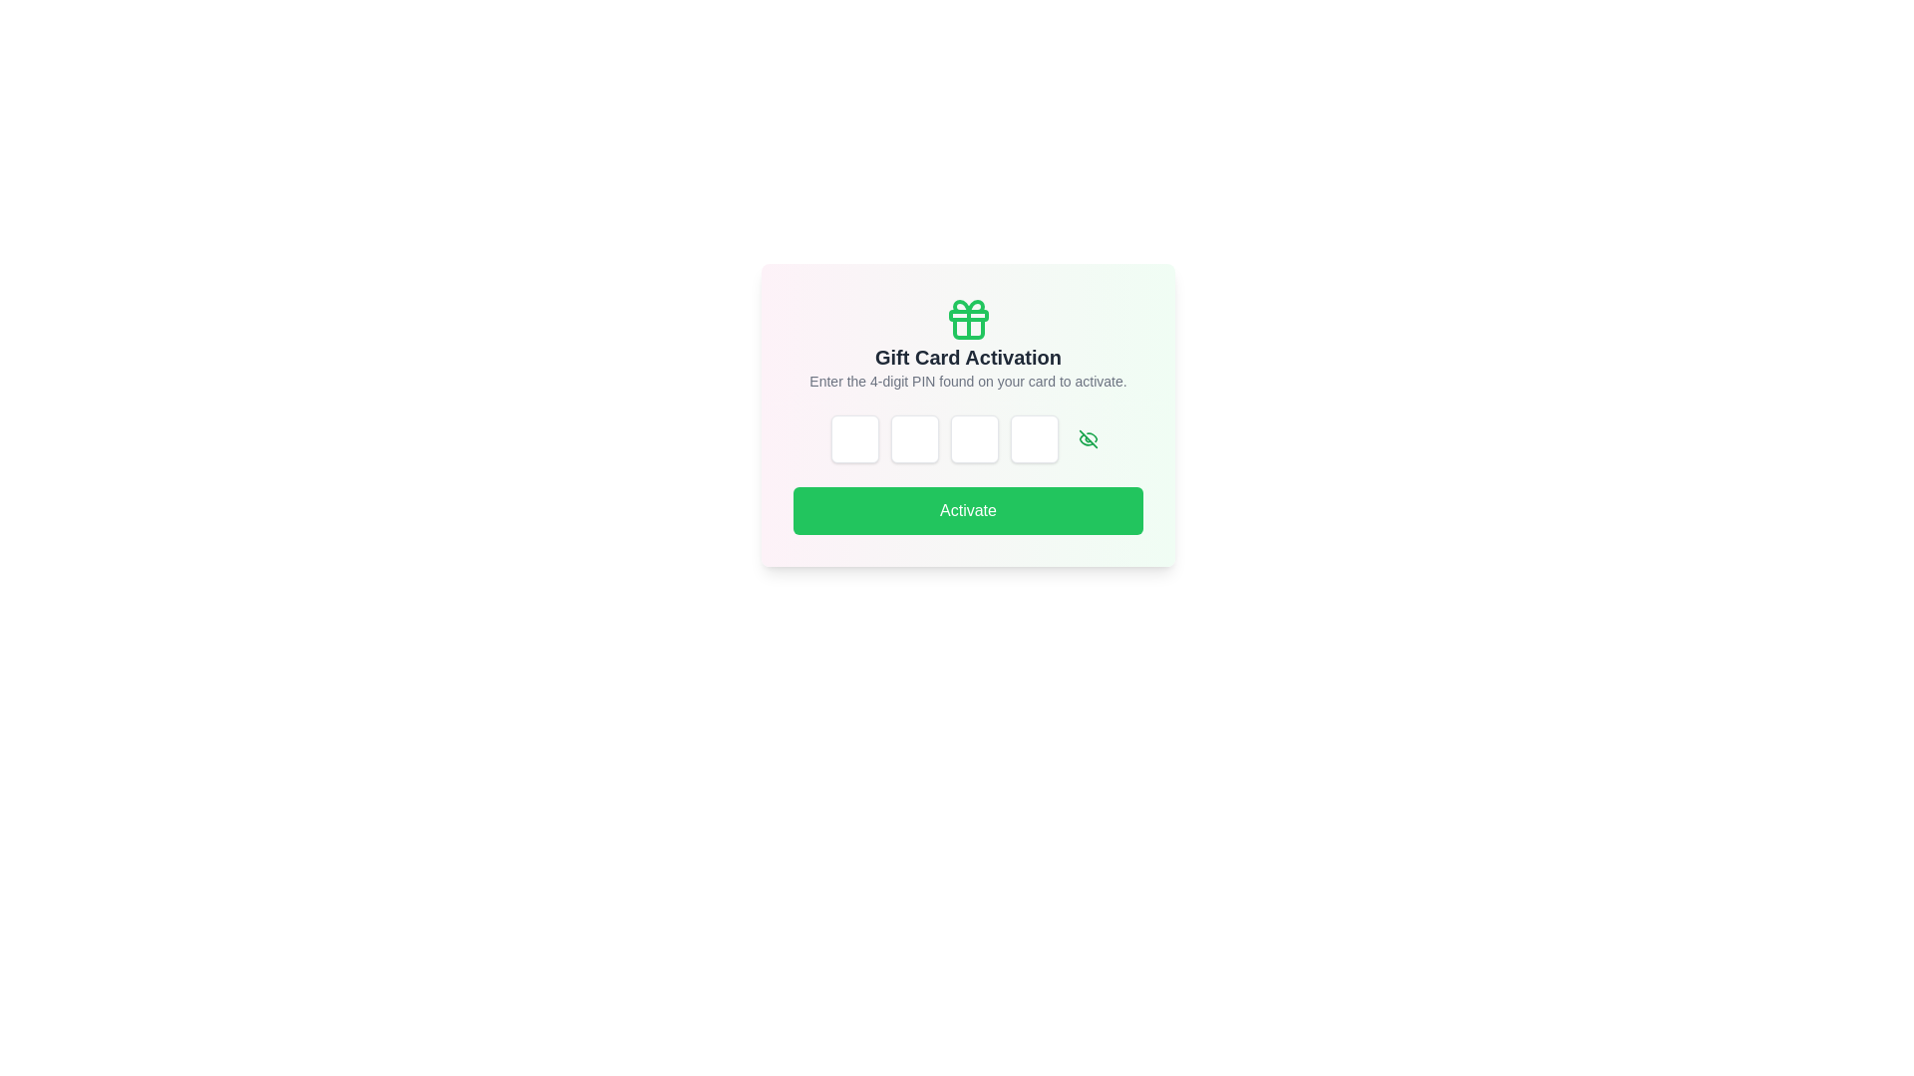  What do you see at coordinates (968, 314) in the screenshot?
I see `the horizontal bar that represents the ribbon or divider of the gift box icon, positioned slightly below the top of the icon and spanning horizontally across its middle` at bounding box center [968, 314].